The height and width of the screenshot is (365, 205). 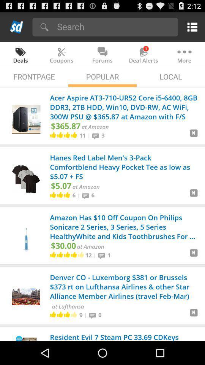 I want to click on cart, so click(x=194, y=316).